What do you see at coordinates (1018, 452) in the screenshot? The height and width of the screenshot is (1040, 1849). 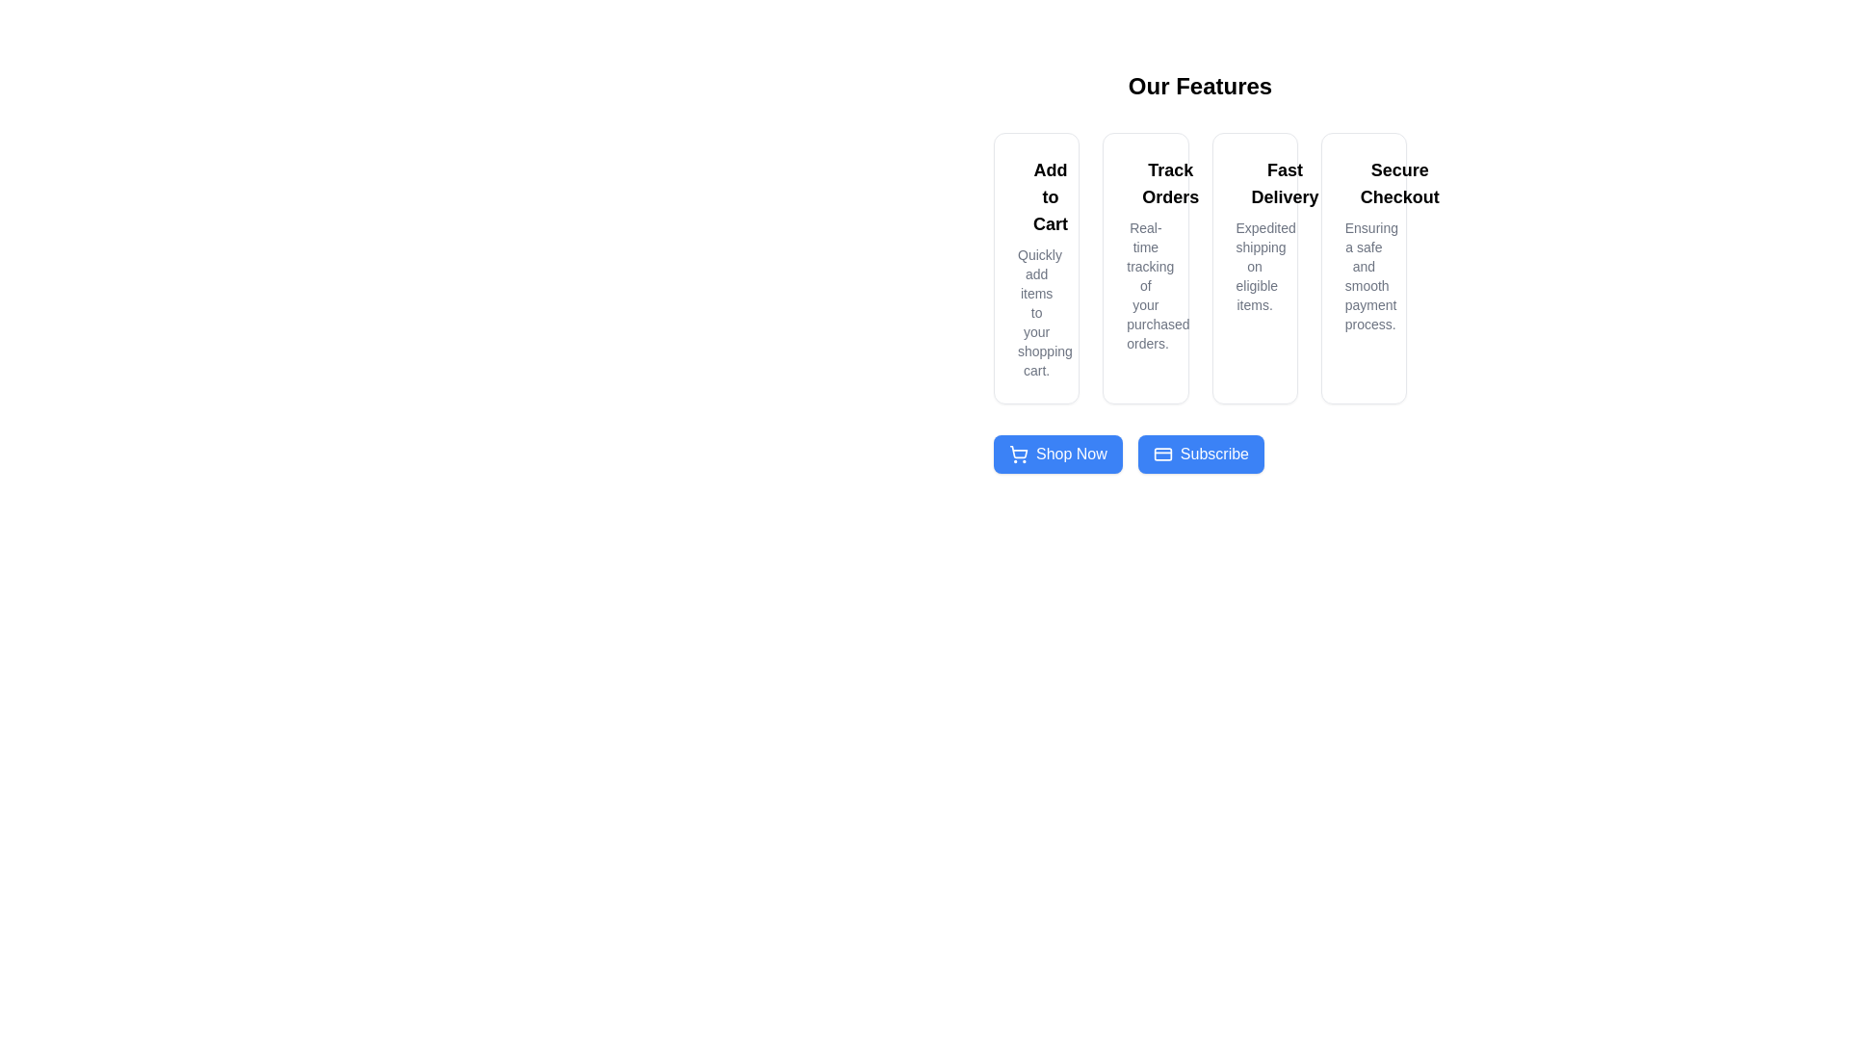 I see `the shopping cart icon, which is a minimalist outline style representation located within the 'Shop Now' button` at bounding box center [1018, 452].